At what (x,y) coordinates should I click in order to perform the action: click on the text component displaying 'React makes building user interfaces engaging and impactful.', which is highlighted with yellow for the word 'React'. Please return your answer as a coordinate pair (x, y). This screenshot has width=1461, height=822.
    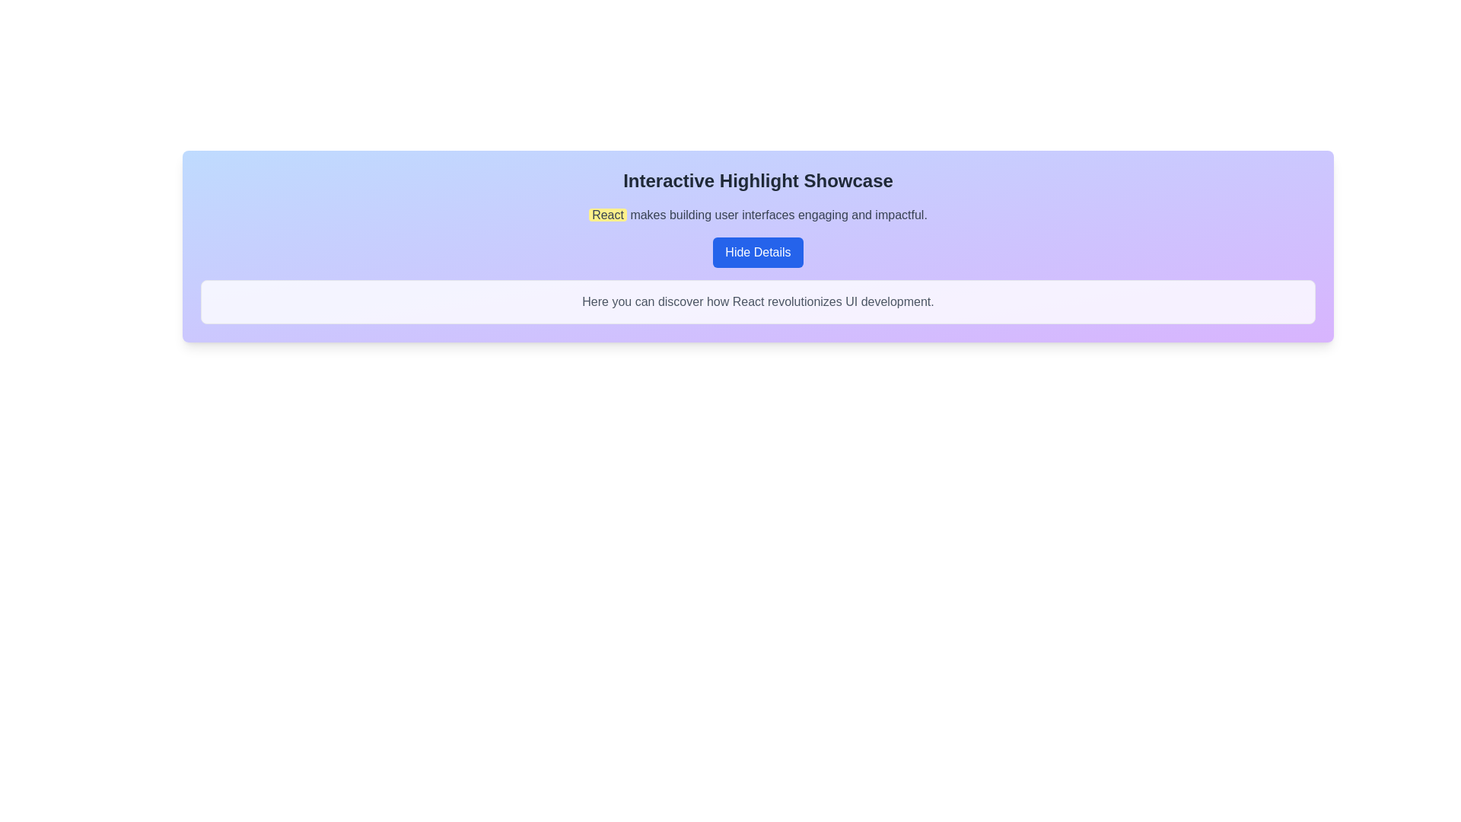
    Looking at the image, I should click on (758, 215).